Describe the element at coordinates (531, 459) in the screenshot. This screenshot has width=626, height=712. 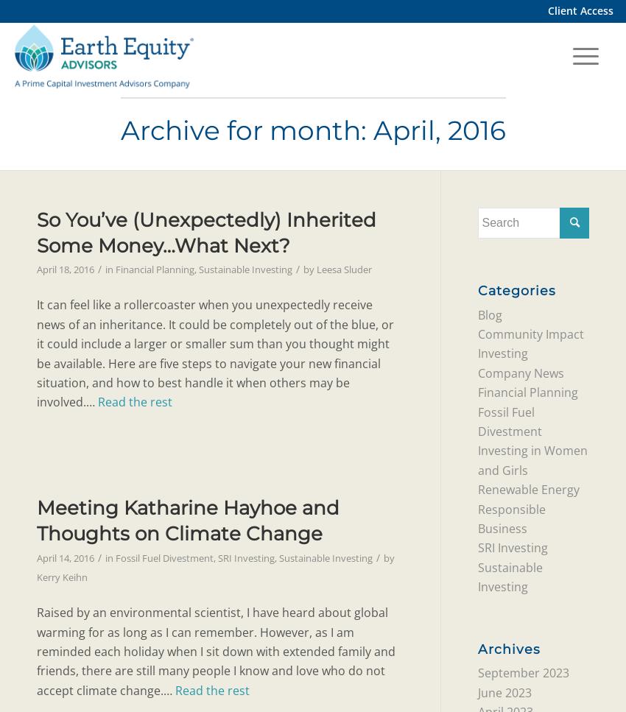
I see `'Investing in Women and Girls'` at that location.